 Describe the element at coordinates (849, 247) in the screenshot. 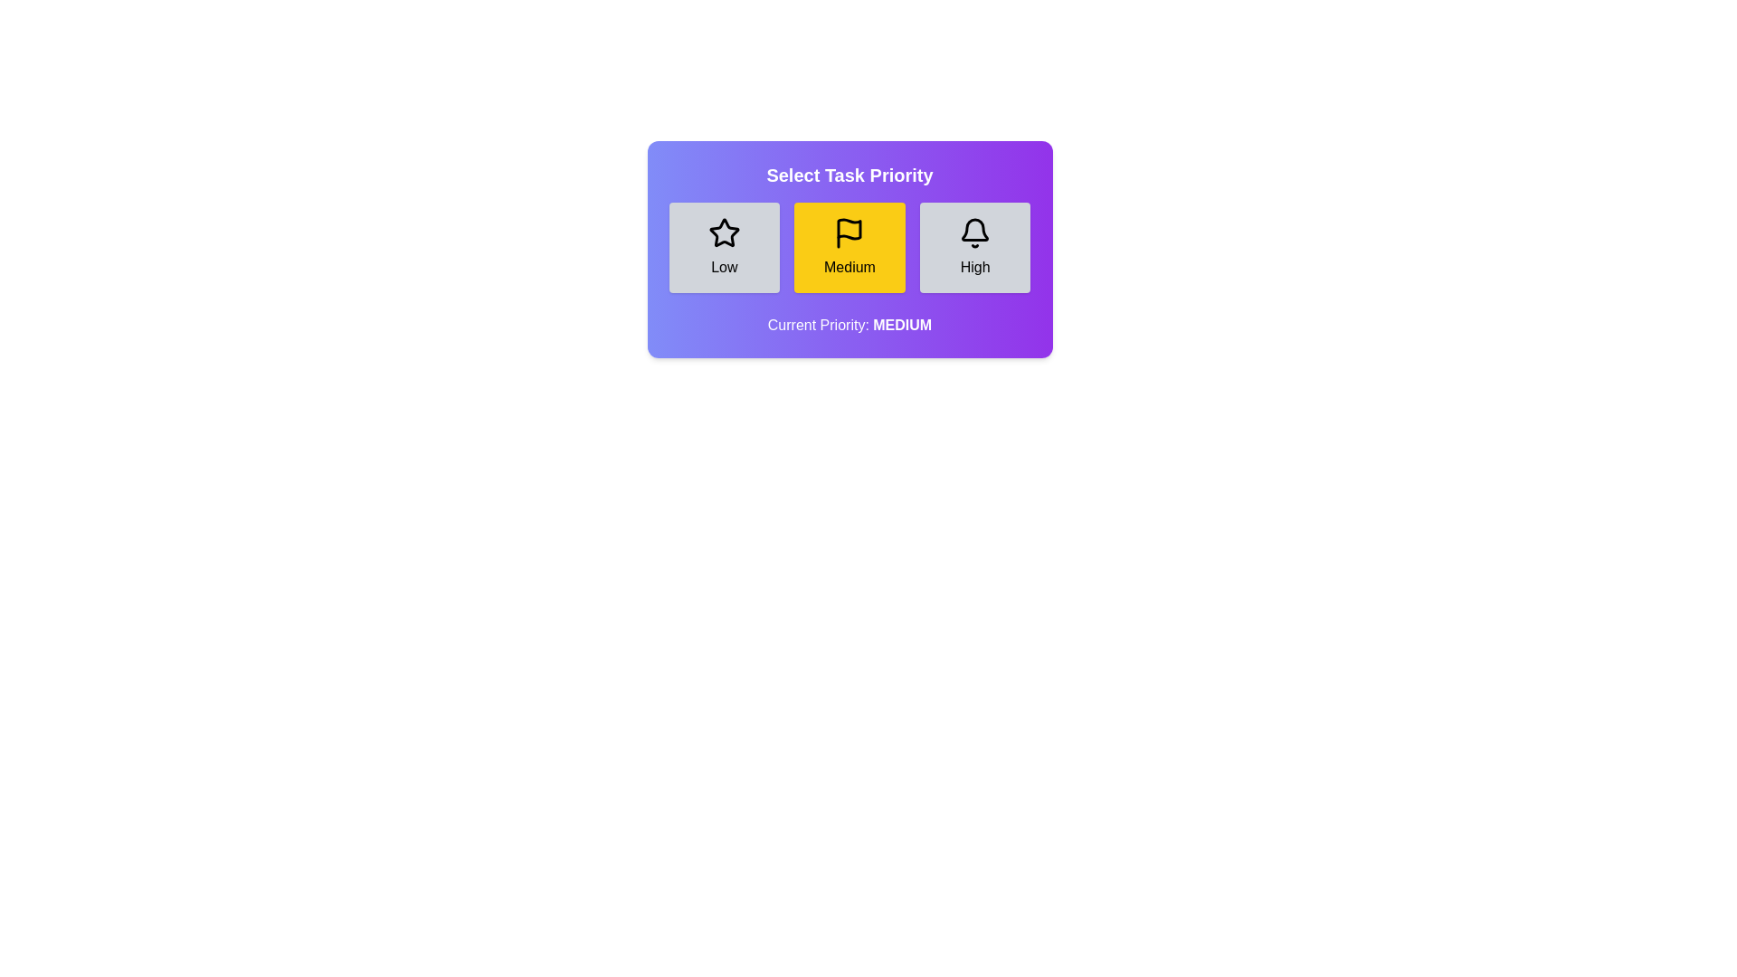

I see `the priority button labeled Medium to observe its hover effect` at that location.